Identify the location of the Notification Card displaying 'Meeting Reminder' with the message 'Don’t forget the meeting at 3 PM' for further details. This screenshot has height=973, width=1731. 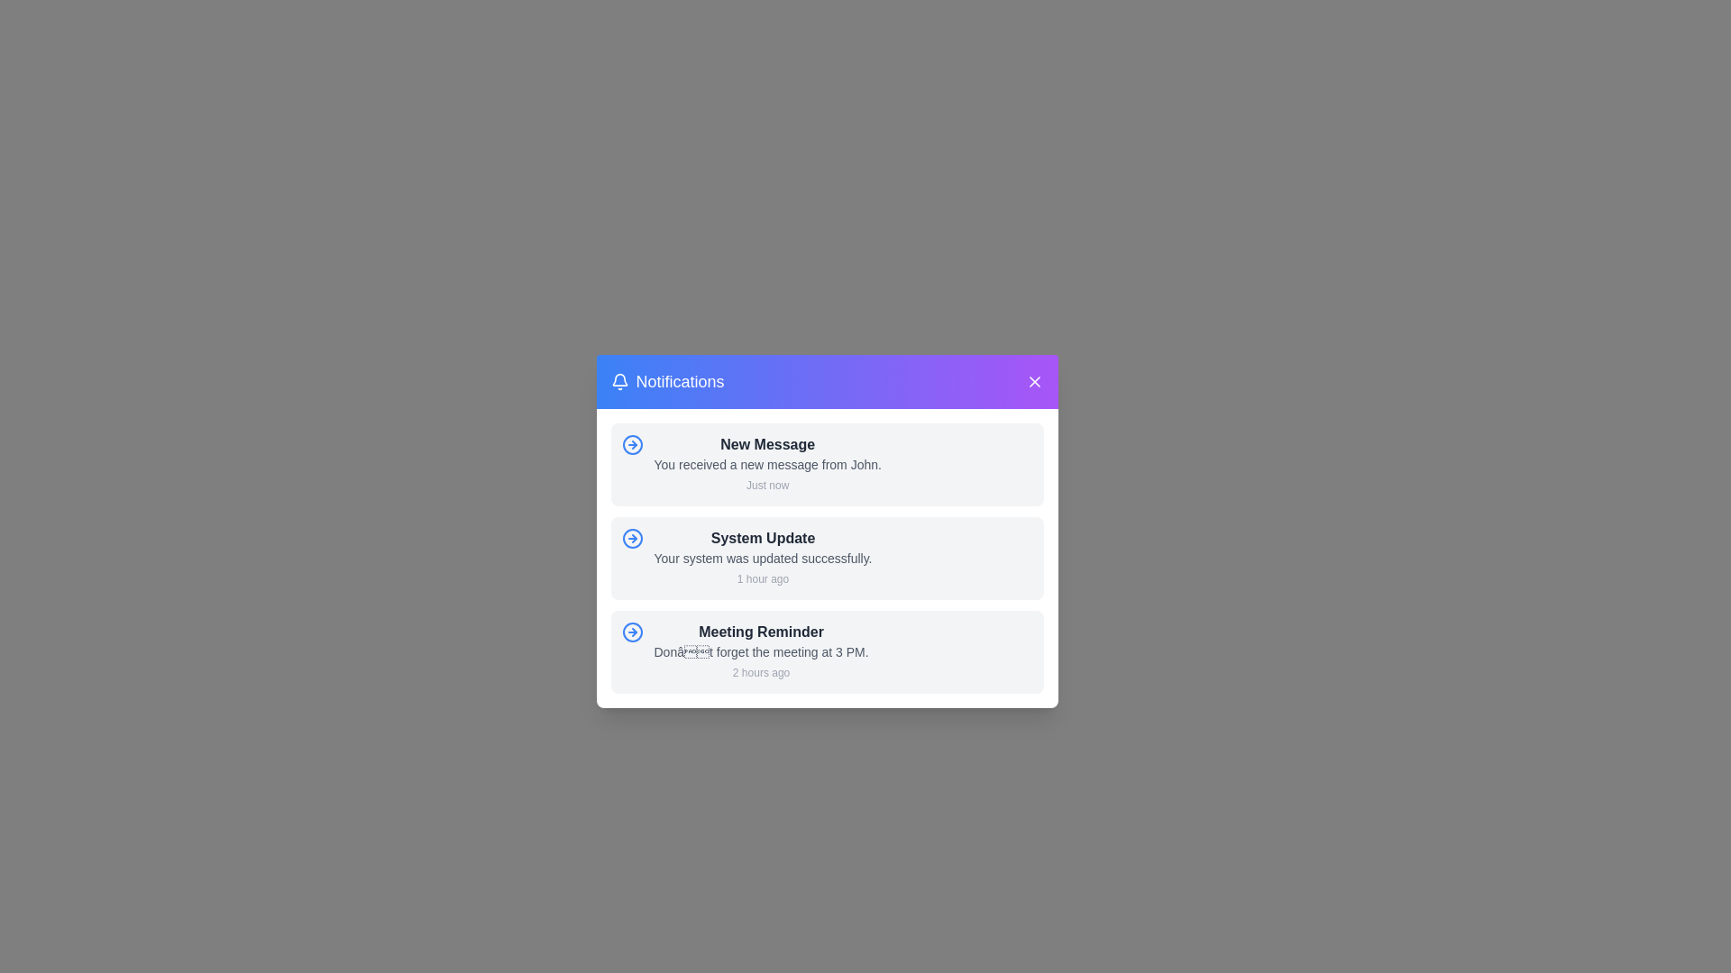
(761, 652).